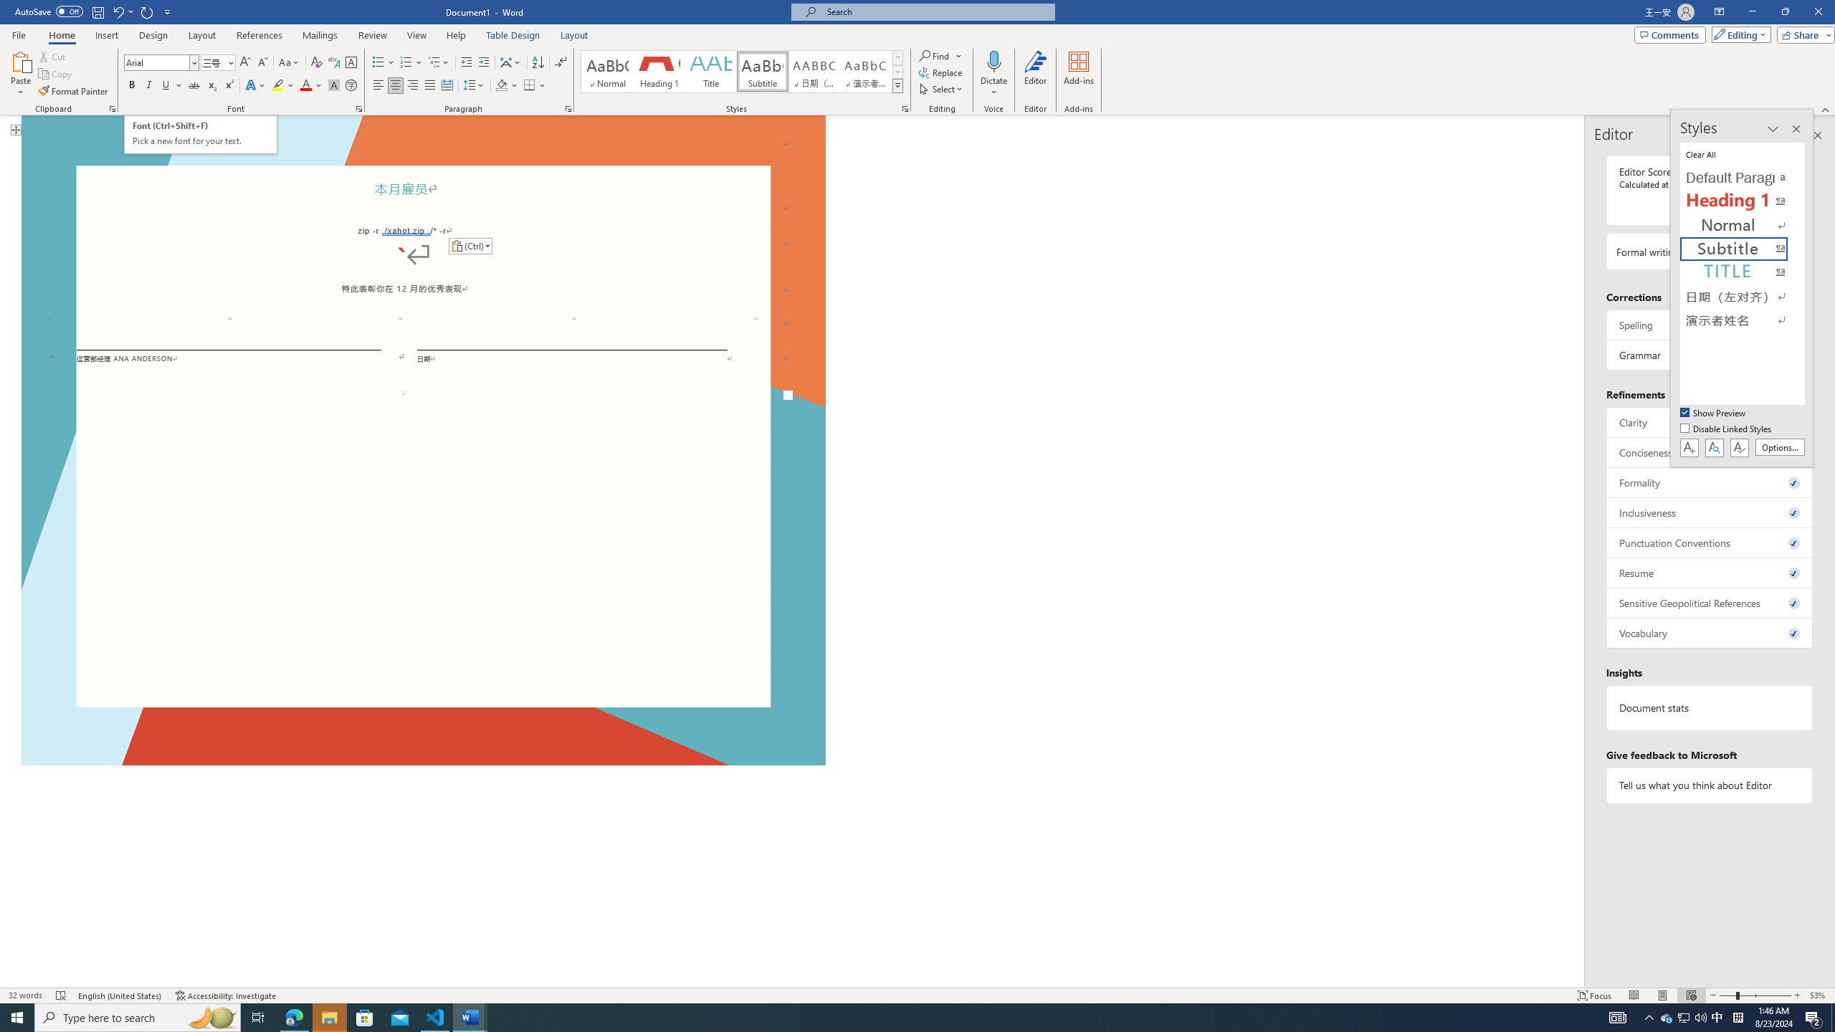 This screenshot has width=1835, height=1032. Describe the element at coordinates (1709, 785) in the screenshot. I see `'Tell us what you think about Editor'` at that location.